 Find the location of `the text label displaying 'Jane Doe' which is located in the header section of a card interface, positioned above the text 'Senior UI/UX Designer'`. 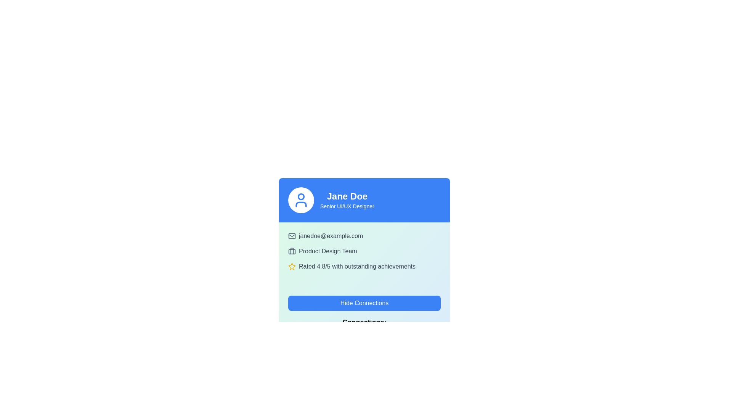

the text label displaying 'Jane Doe' which is located in the header section of a card interface, positioned above the text 'Senior UI/UX Designer' is located at coordinates (347, 196).